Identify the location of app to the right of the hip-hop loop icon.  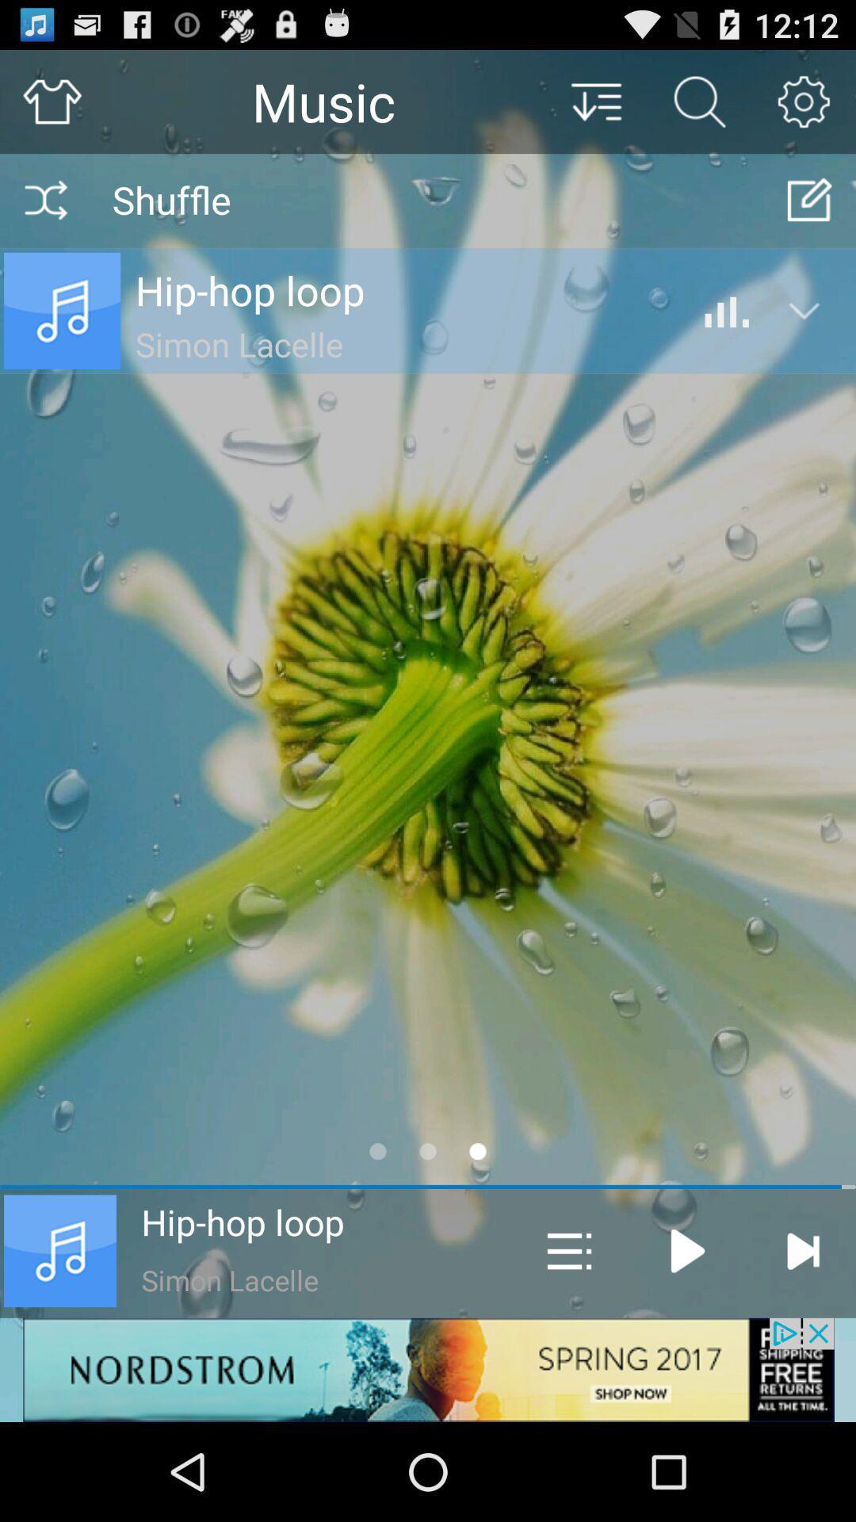
(568, 1250).